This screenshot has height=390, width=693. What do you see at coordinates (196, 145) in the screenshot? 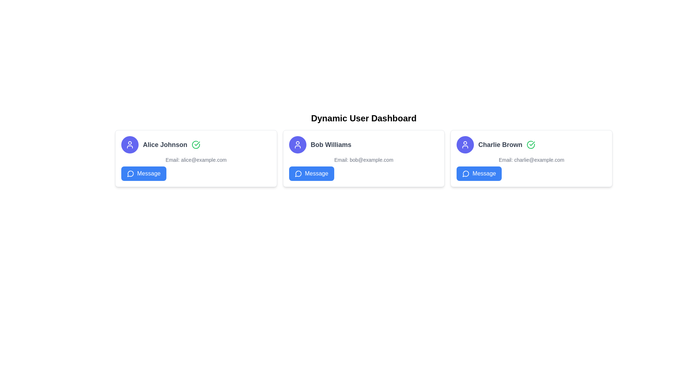
I see `the user name label for Alice Johnson, which includes a visual indicator of verified status, located at the top of the user detail card` at bounding box center [196, 145].